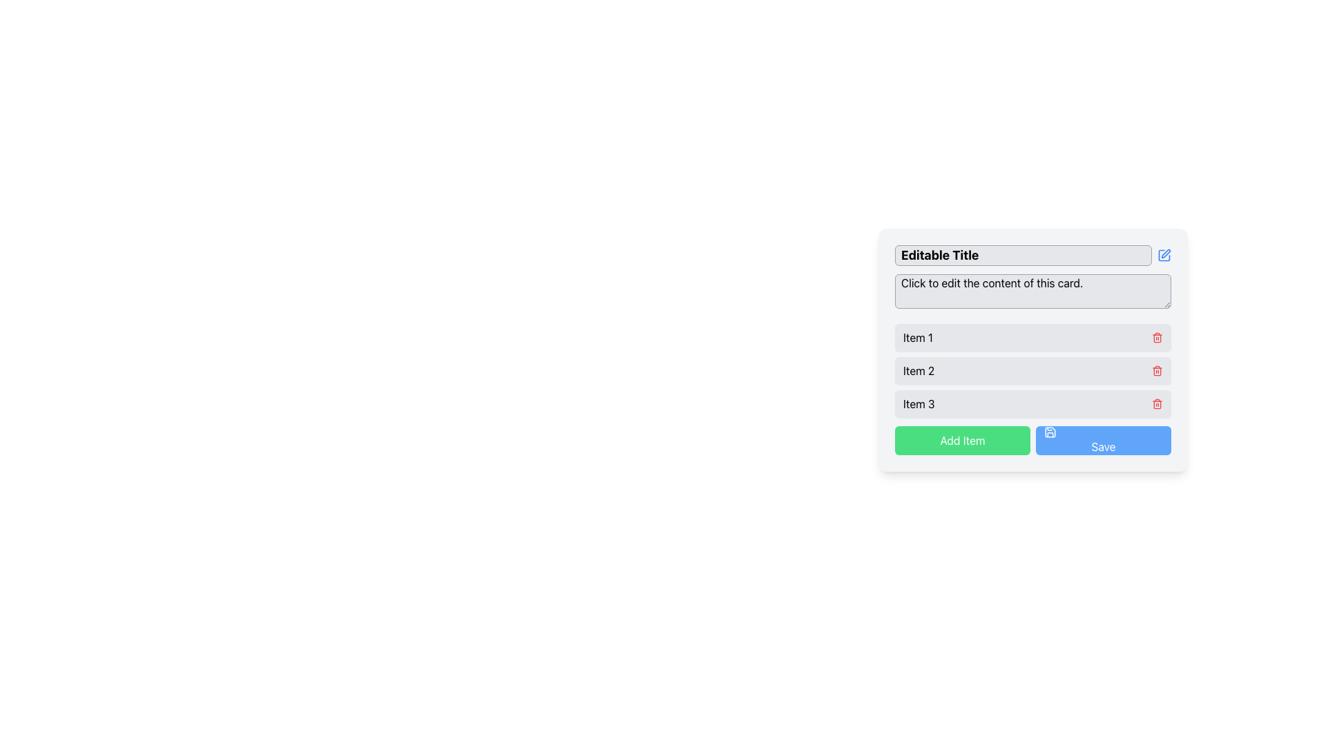 The width and height of the screenshot is (1326, 746). Describe the element at coordinates (1050, 431) in the screenshot. I see `the save icon located within the 'Save' button at the bottom-right corner of the form` at that location.